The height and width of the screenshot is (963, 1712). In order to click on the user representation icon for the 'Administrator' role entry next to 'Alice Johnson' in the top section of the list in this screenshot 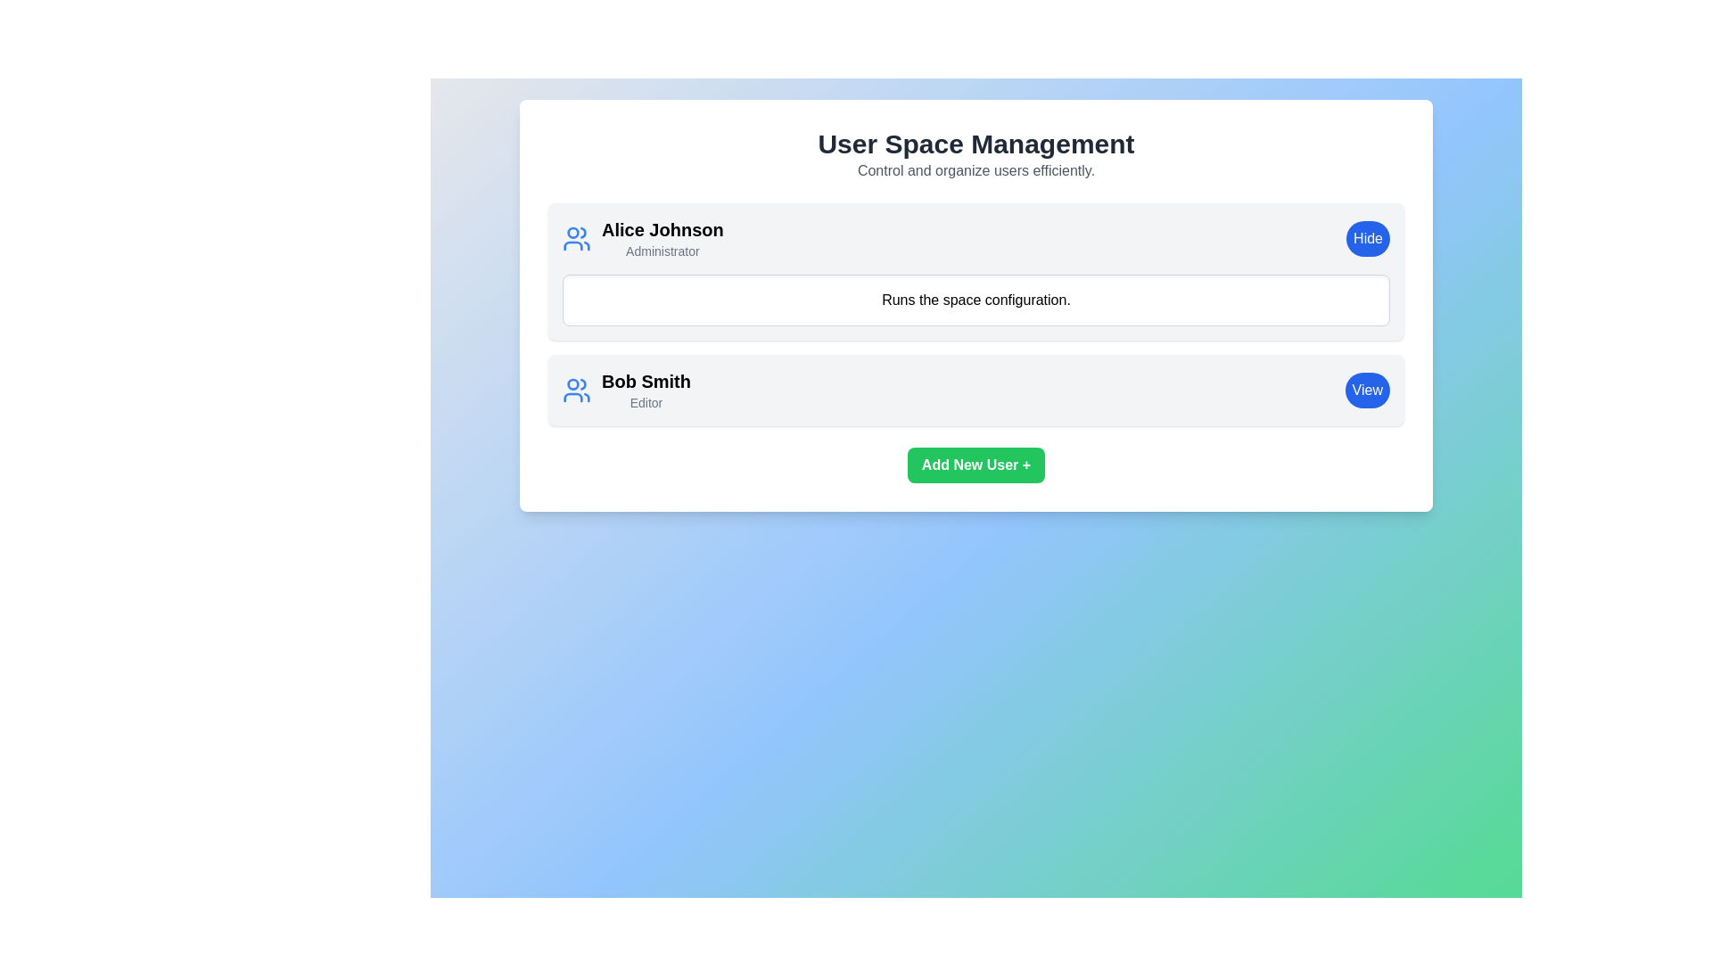, I will do `click(577, 237)`.